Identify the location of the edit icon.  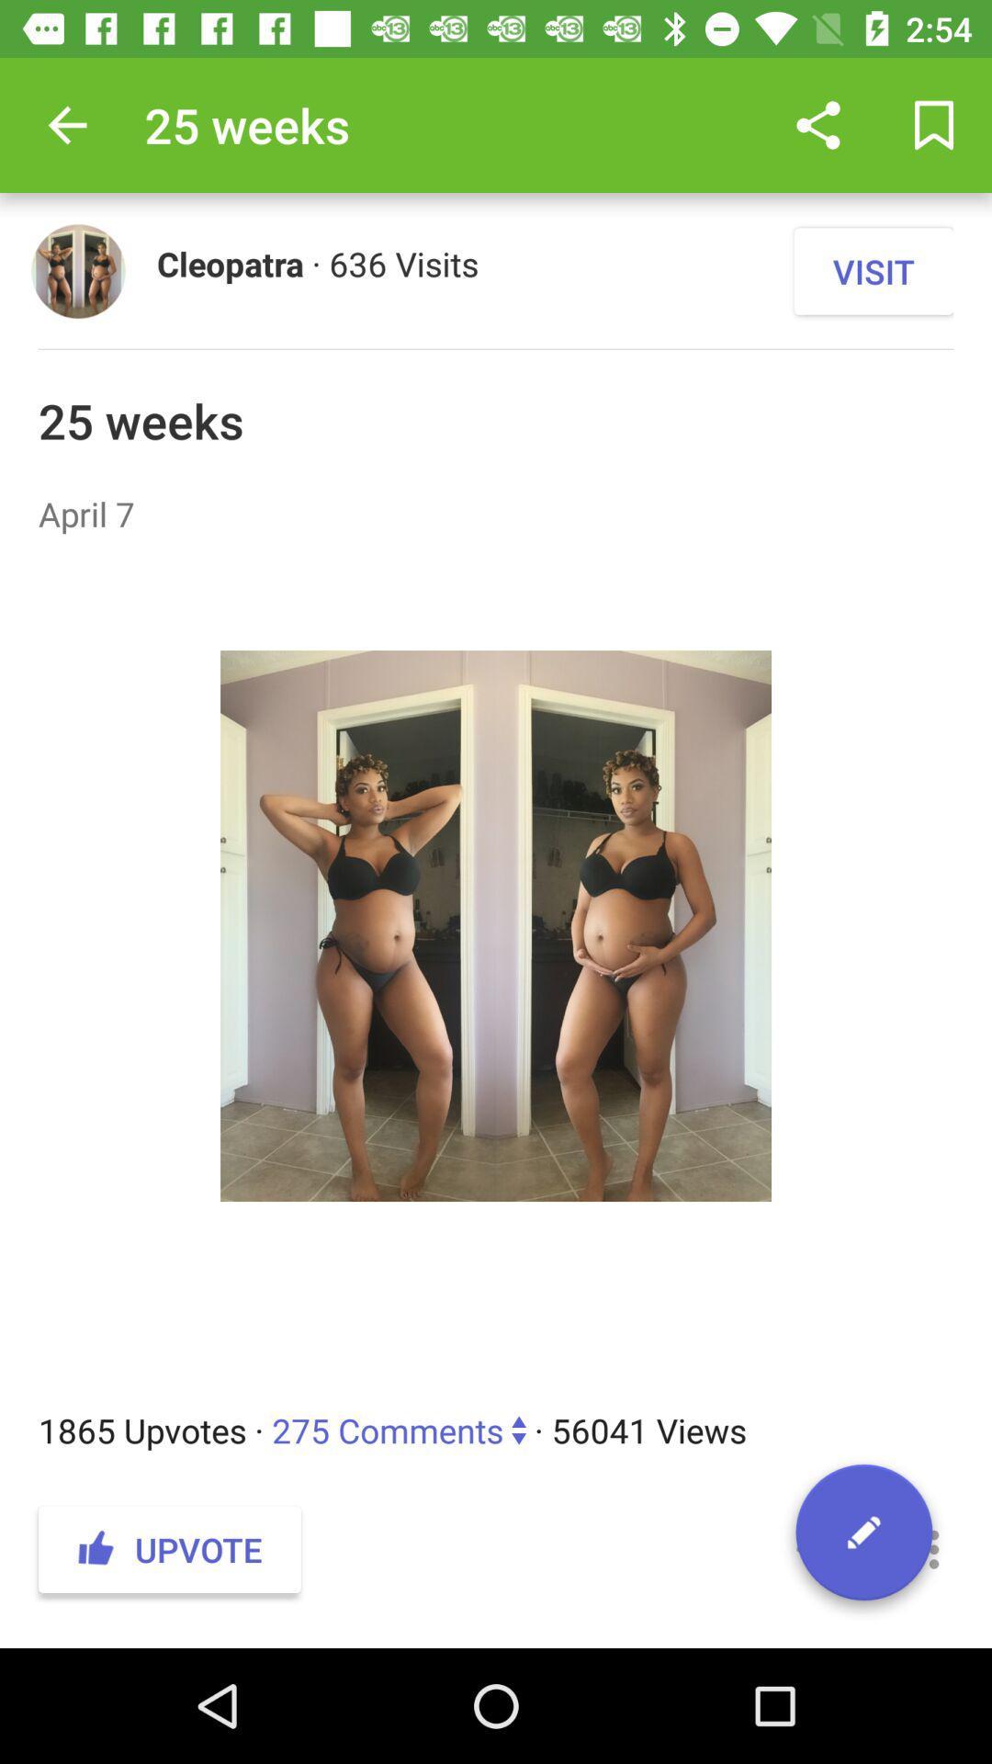
(863, 1539).